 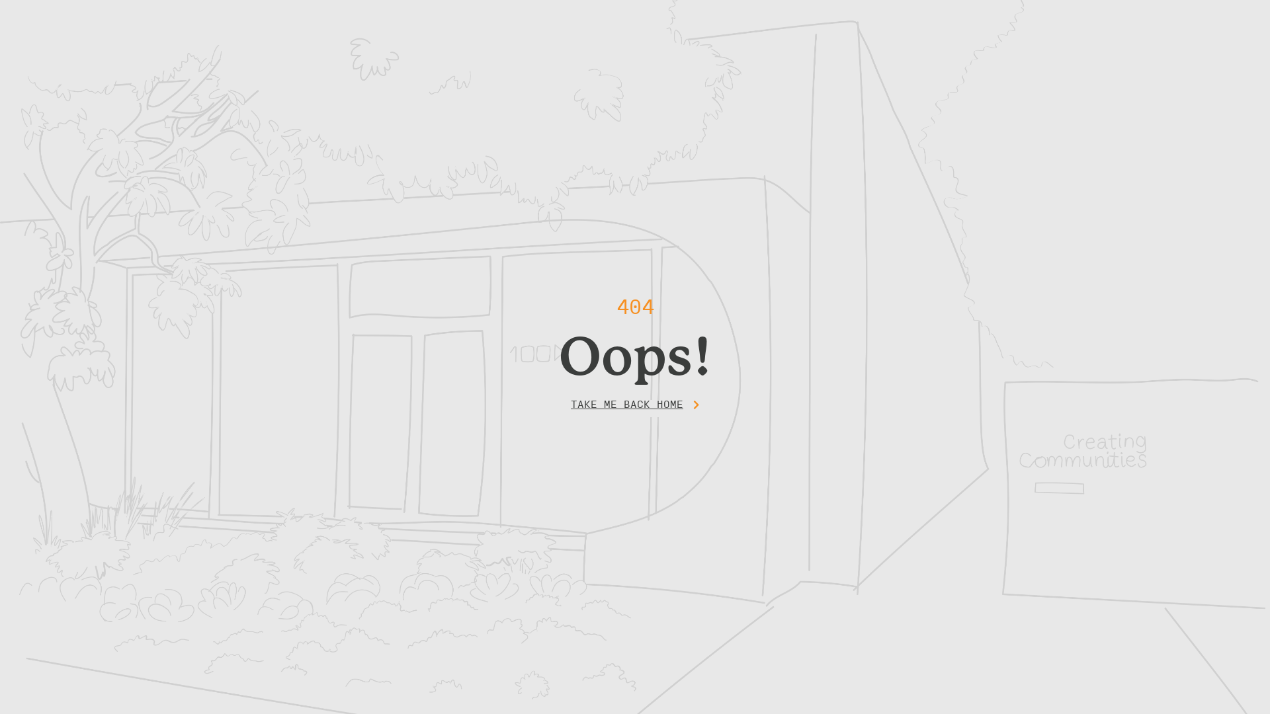 What do you see at coordinates (635, 407) in the screenshot?
I see `'TAKE ME BACK HOME'` at bounding box center [635, 407].